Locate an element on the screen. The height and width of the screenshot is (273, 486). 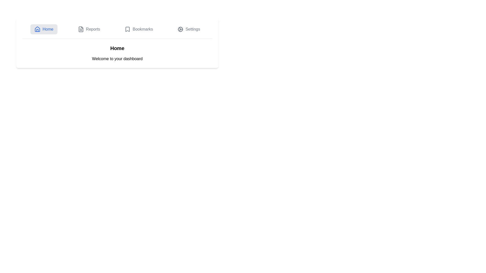
the 'Bookmarks' icon in the navigation bar is located at coordinates (128, 29).